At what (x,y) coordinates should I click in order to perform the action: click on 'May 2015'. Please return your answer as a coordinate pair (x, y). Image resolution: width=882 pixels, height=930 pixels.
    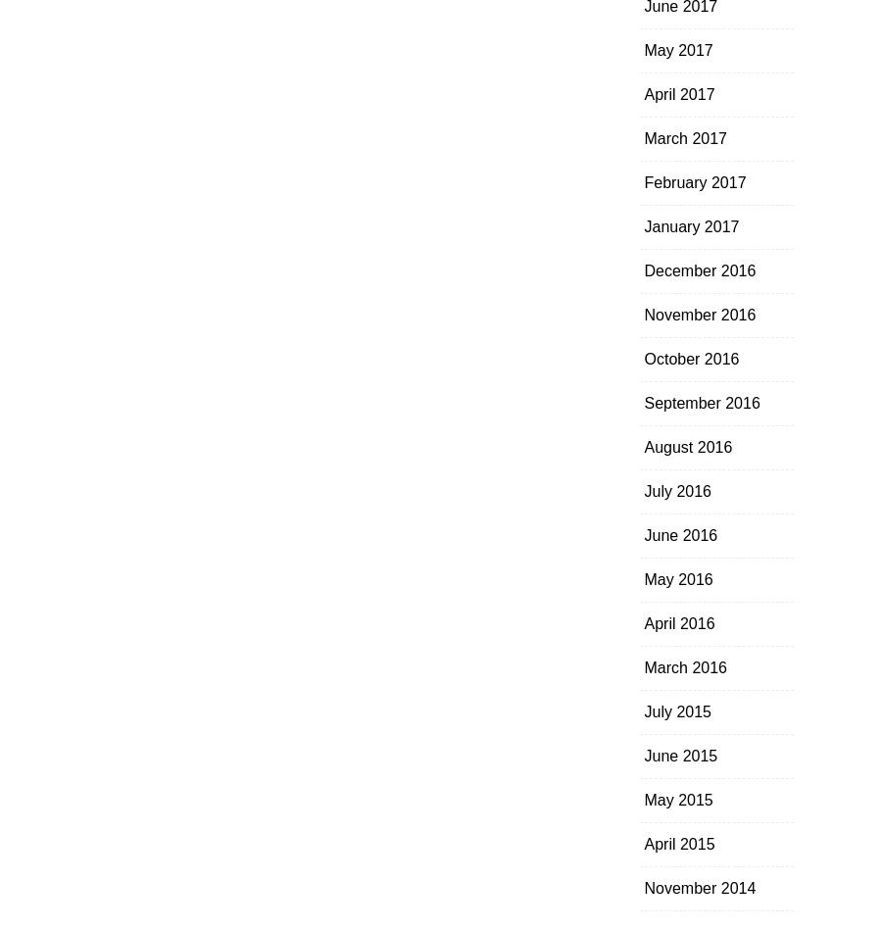
    Looking at the image, I should click on (677, 799).